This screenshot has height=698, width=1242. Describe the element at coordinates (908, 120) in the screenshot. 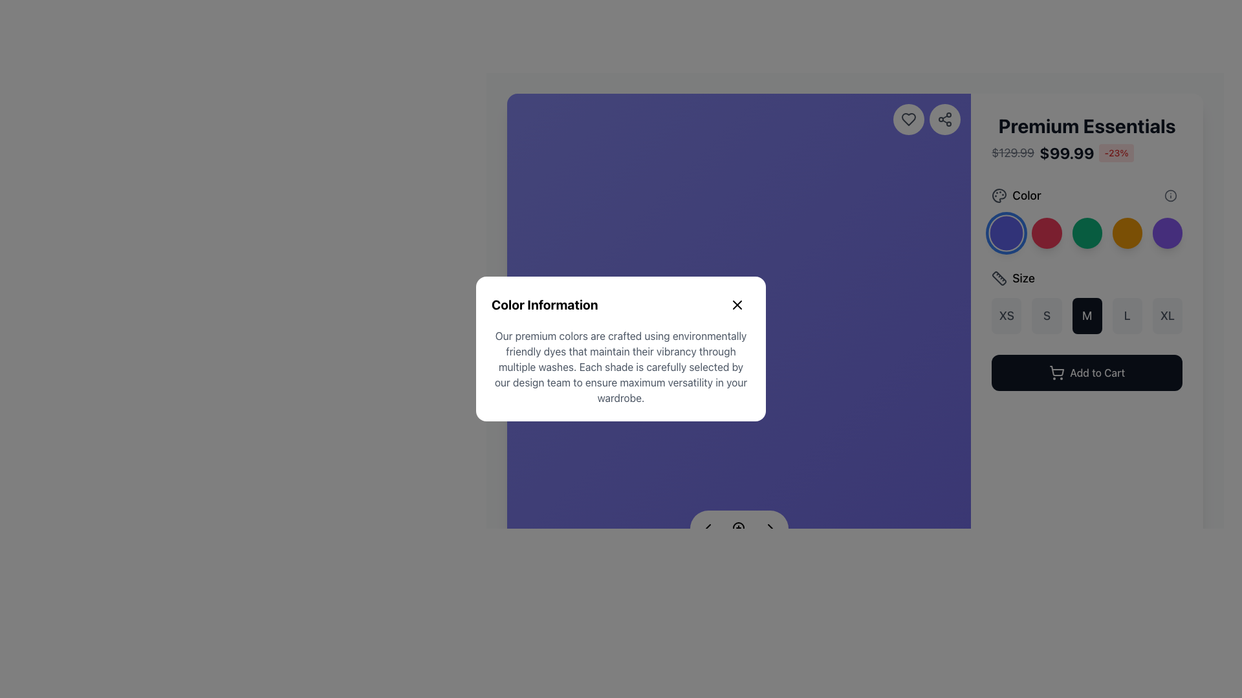

I see `the favorite icon button located in the top-right section of the interface to mark the item as favorite` at that location.